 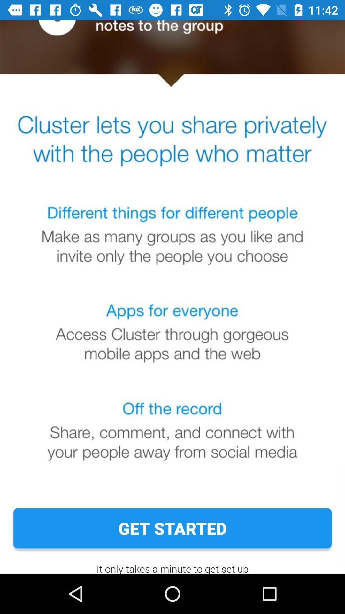 I want to click on icon above the it only takes icon, so click(x=172, y=528).